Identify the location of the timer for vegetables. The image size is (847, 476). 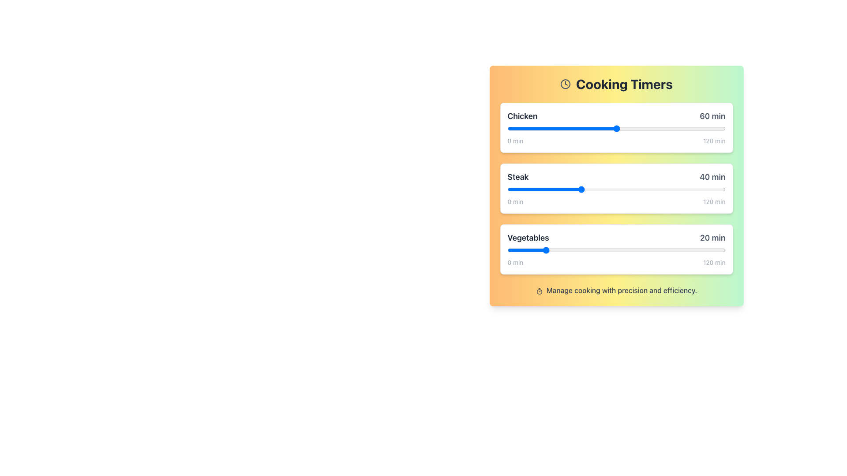
(520, 250).